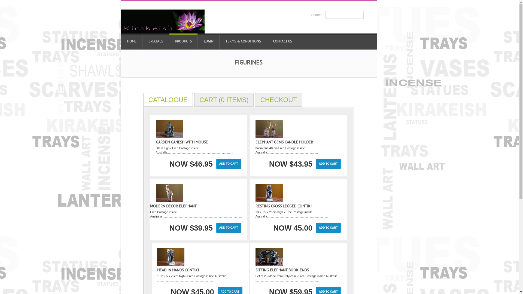  I want to click on 'SPECIALS', so click(155, 41).